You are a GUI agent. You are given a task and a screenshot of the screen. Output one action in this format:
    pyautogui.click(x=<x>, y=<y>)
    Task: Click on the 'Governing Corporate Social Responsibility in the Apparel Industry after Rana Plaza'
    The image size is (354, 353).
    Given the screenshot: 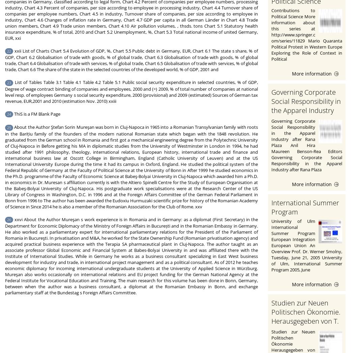 What is the action you would take?
    pyautogui.click(x=306, y=105)
    